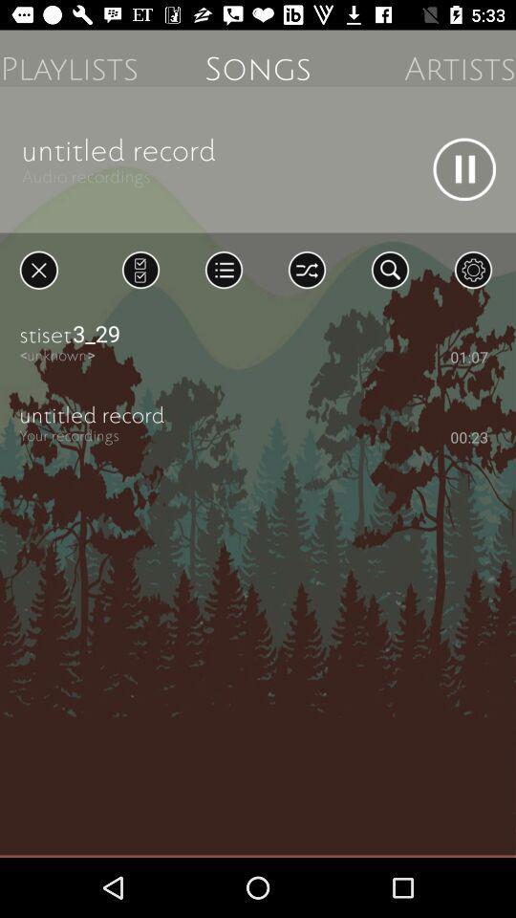 This screenshot has height=918, width=516. What do you see at coordinates (389, 269) in the screenshot?
I see `the search icon` at bounding box center [389, 269].